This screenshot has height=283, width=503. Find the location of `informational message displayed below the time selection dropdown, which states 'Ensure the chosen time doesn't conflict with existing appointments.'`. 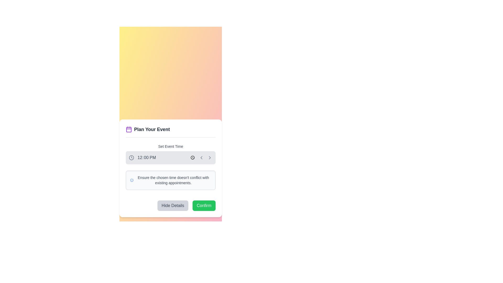

informational message displayed below the time selection dropdown, which states 'Ensure the chosen time doesn't conflict with existing appointments.' is located at coordinates (171, 180).